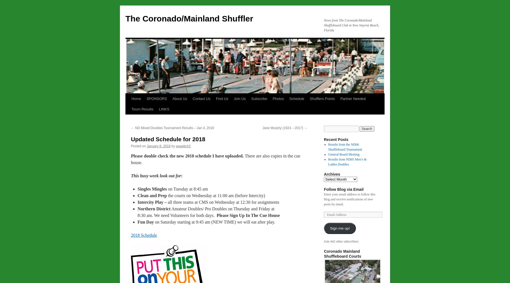  Describe the element at coordinates (217, 215) in the screenshot. I see `'Please Sign Up In The Cue House'` at that location.